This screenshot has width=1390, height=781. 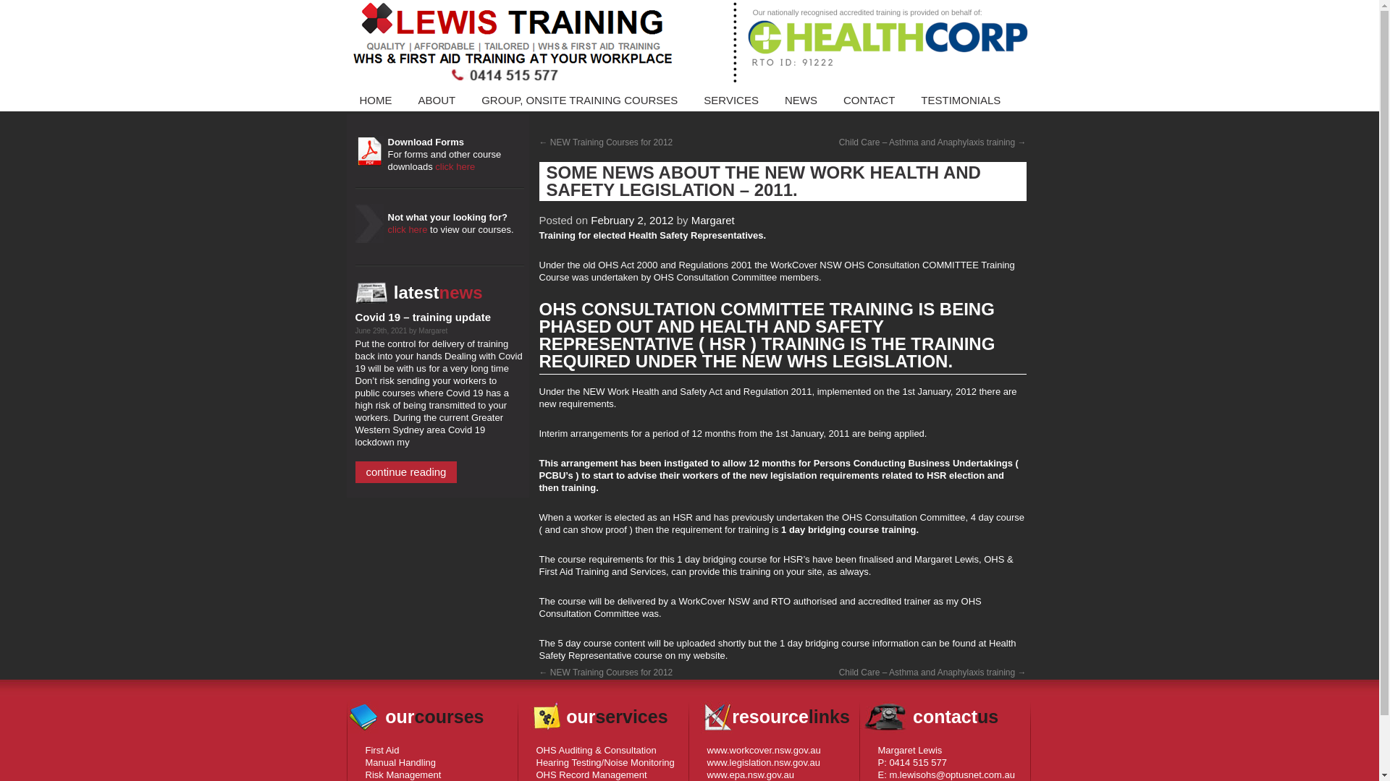 I want to click on 'February 2, 2012', so click(x=632, y=220).